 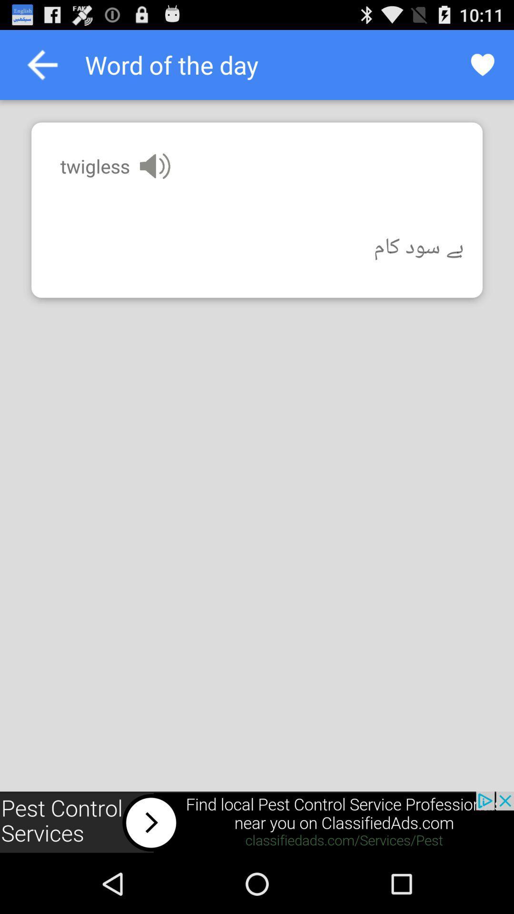 What do you see at coordinates (42, 64) in the screenshot?
I see `previous` at bounding box center [42, 64].